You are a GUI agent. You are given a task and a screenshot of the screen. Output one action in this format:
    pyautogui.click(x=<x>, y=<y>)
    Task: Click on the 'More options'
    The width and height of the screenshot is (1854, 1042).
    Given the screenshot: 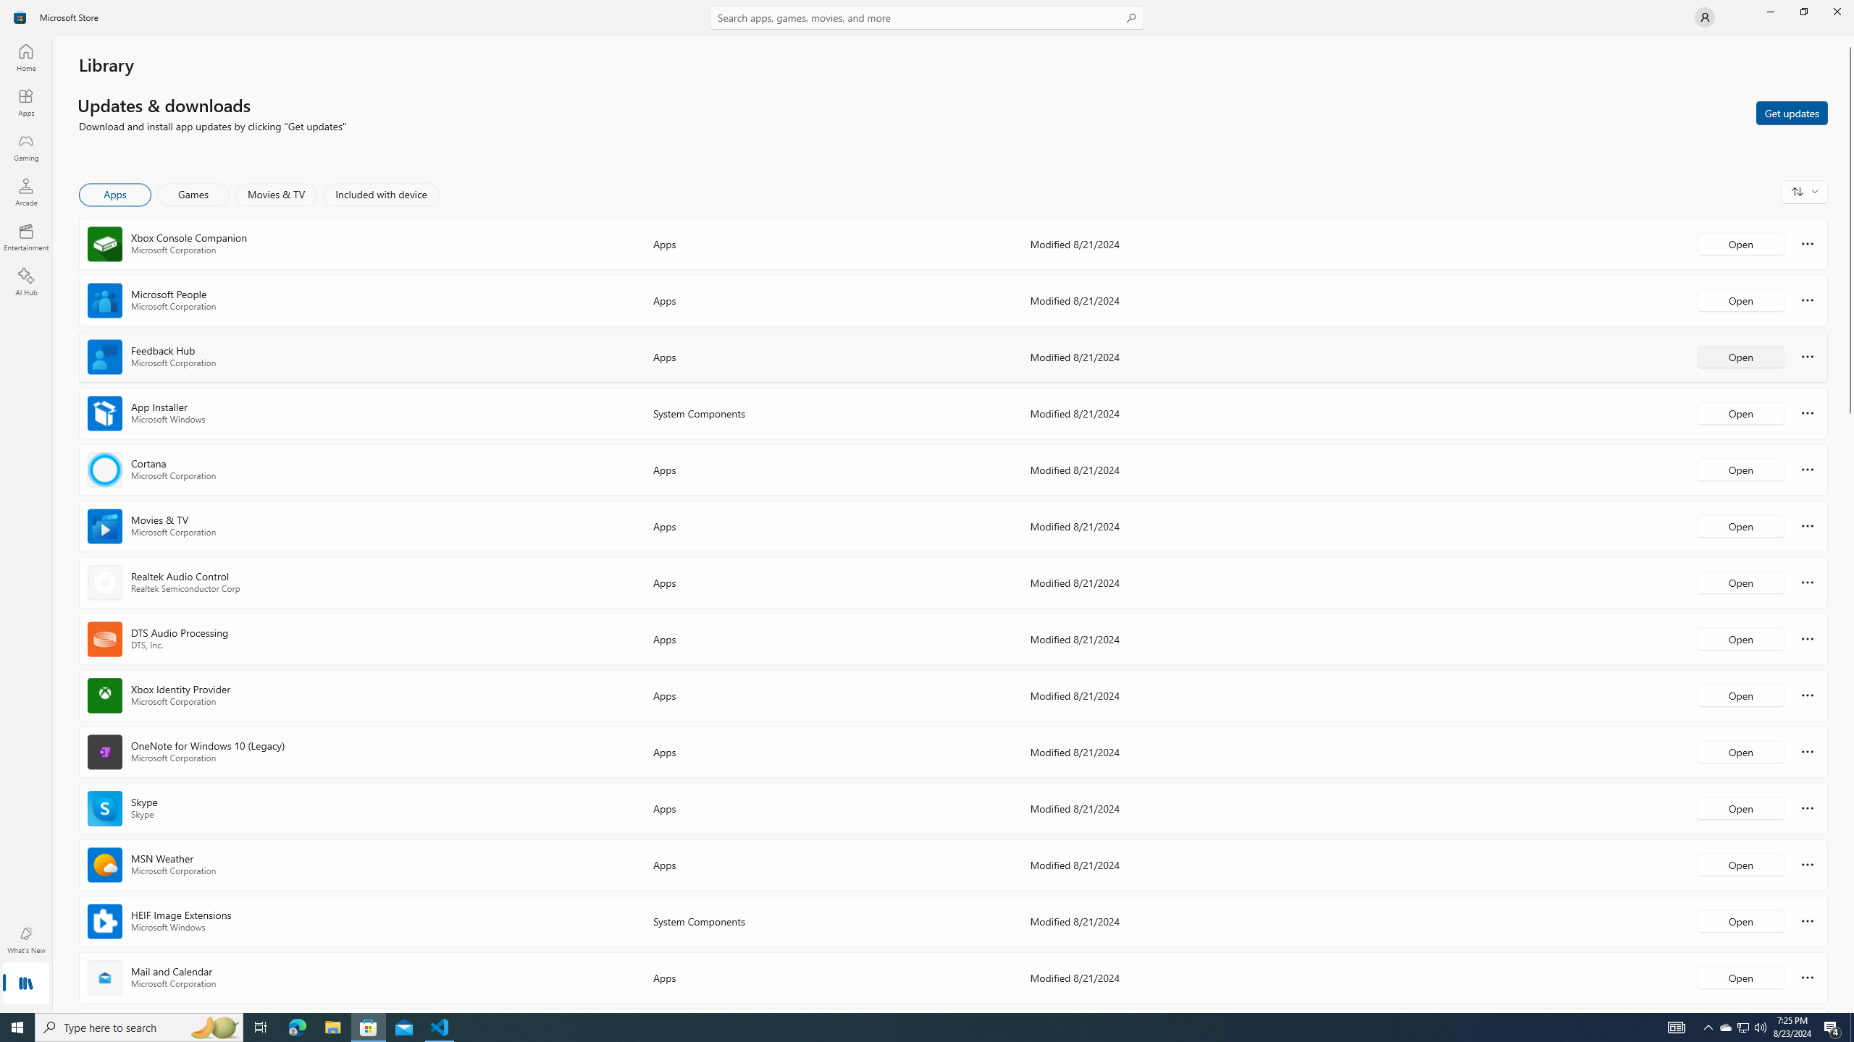 What is the action you would take?
    pyautogui.click(x=1807, y=976)
    